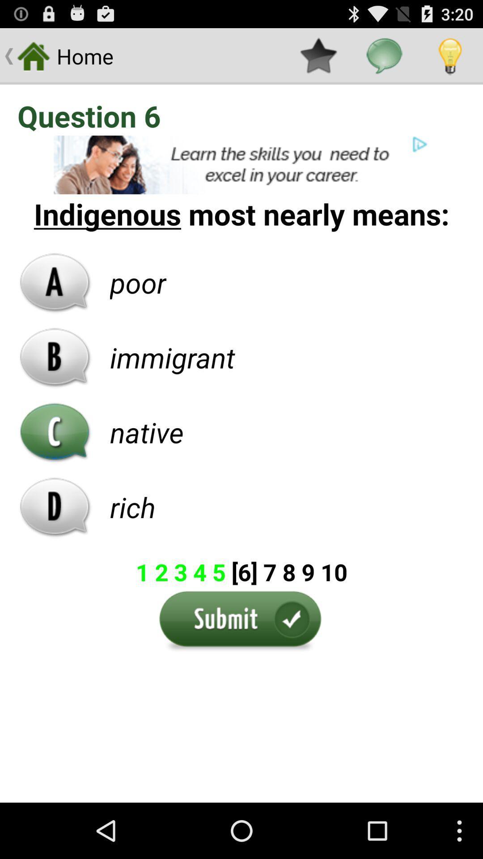 The image size is (483, 859). Describe the element at coordinates (55, 432) in the screenshot. I see `icon left to native` at that location.